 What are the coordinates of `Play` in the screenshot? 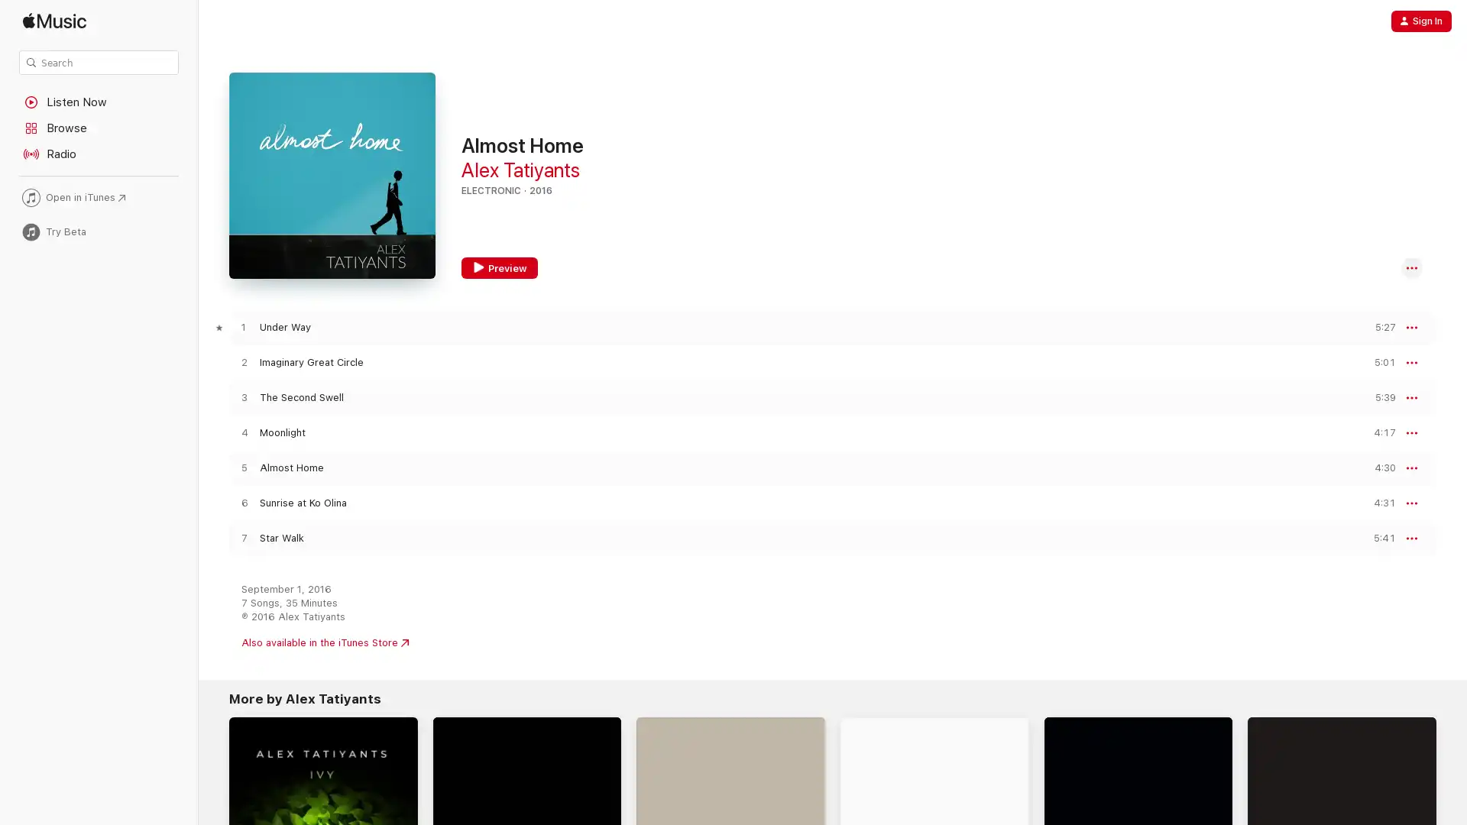 It's located at (243, 467).